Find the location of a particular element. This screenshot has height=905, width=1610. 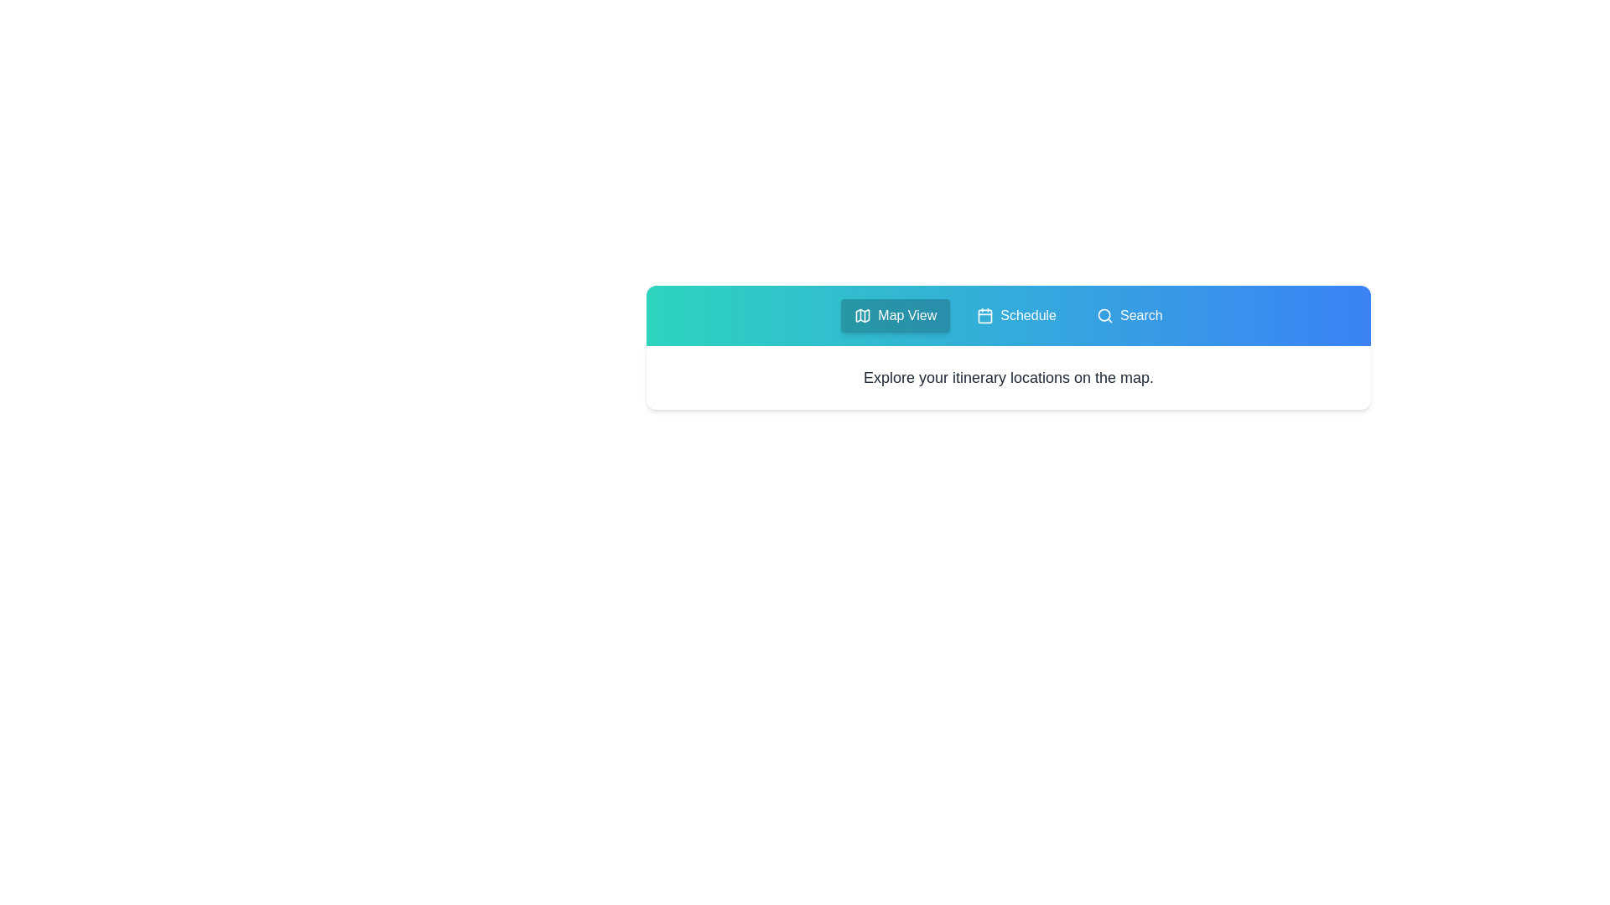

the text label displaying 'Explore your itinerary locations on the map.' which is styled in dark gray and positioned below the navigation bar is located at coordinates (1008, 378).